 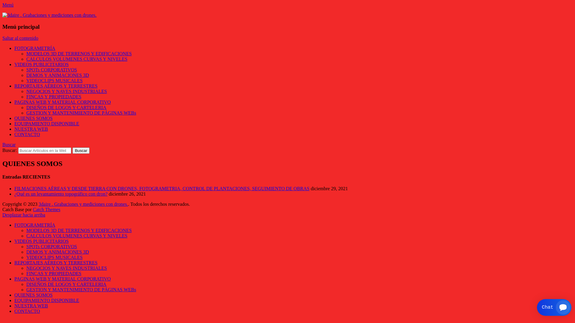 I want to click on 'FINCAS Y PROPIEDADES', so click(x=54, y=273).